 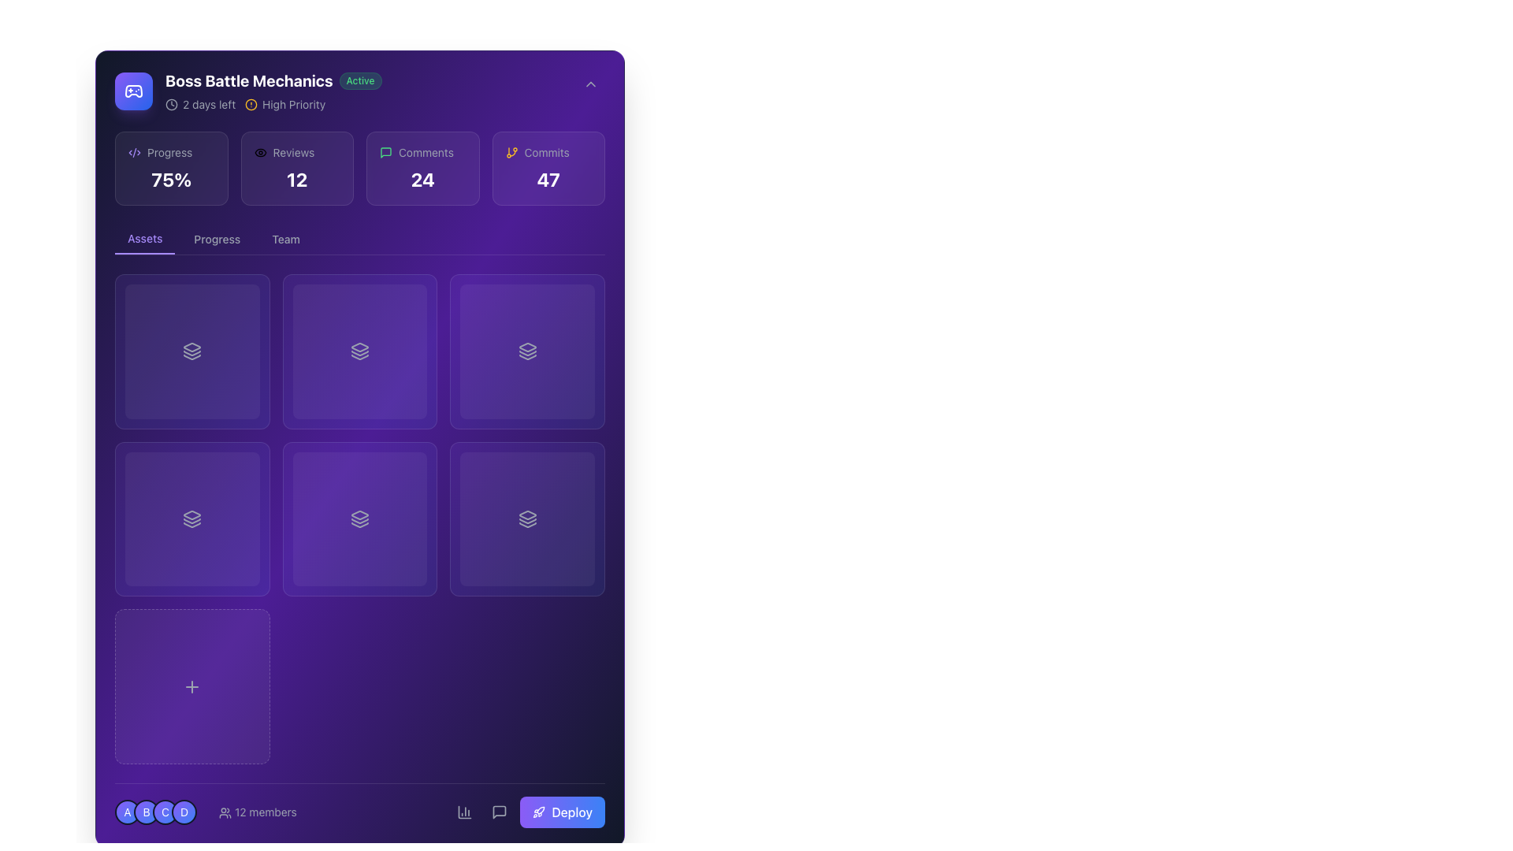 I want to click on the interactive card located in the bottom-right corner of the 3x3 grid layout, so click(x=527, y=519).